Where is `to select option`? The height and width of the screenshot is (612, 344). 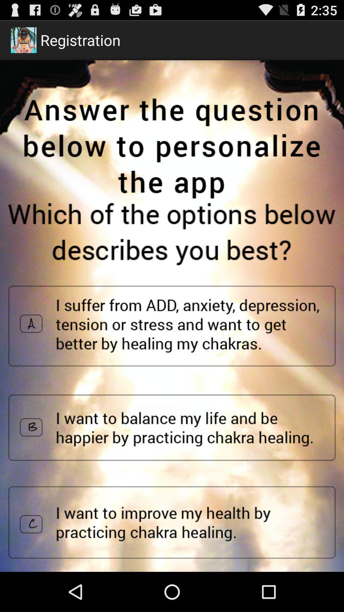 to select option is located at coordinates (172, 427).